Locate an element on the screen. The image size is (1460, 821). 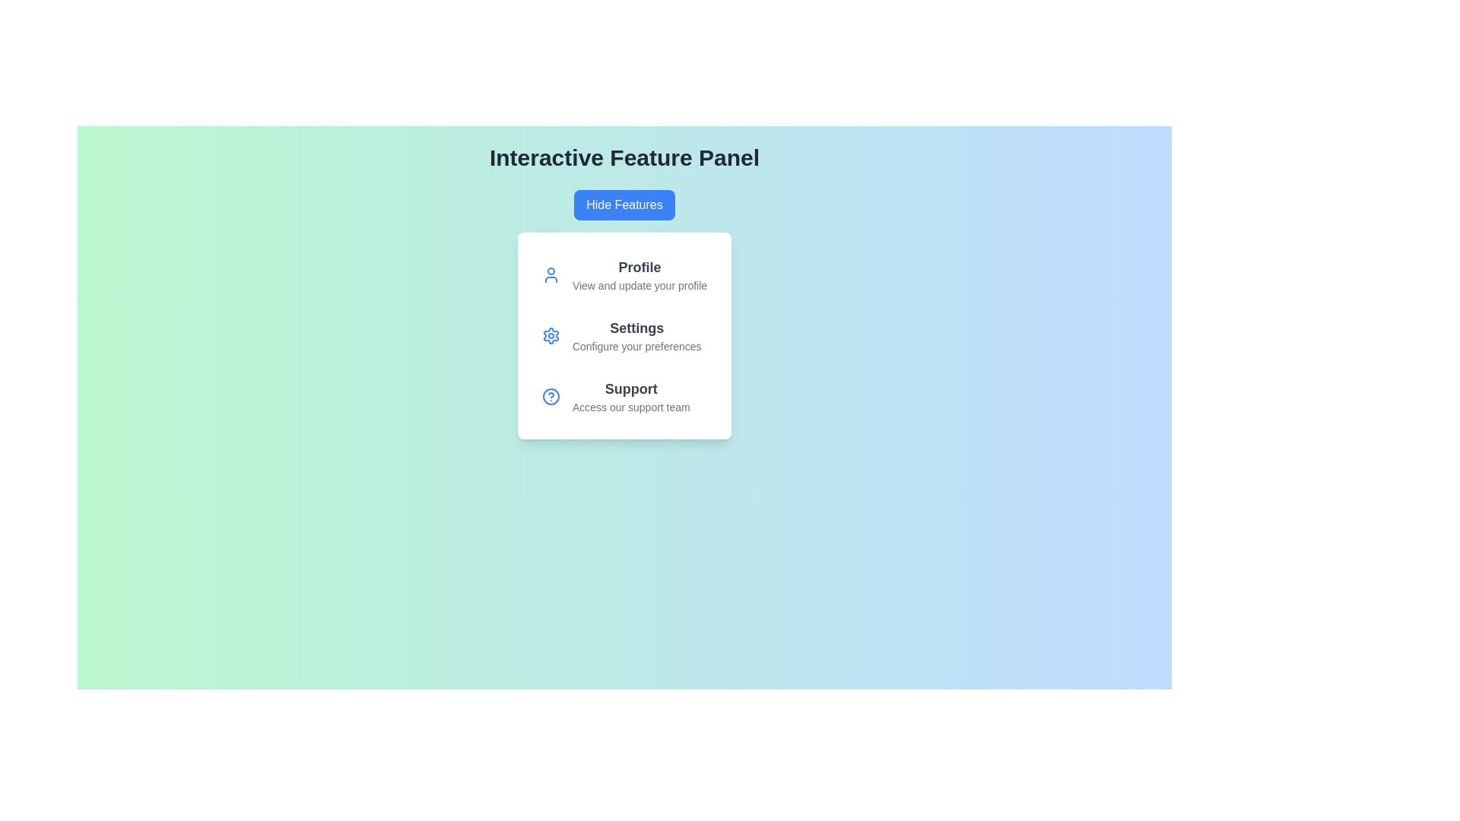
the 'Profile' item to access profile-related options is located at coordinates (639, 275).